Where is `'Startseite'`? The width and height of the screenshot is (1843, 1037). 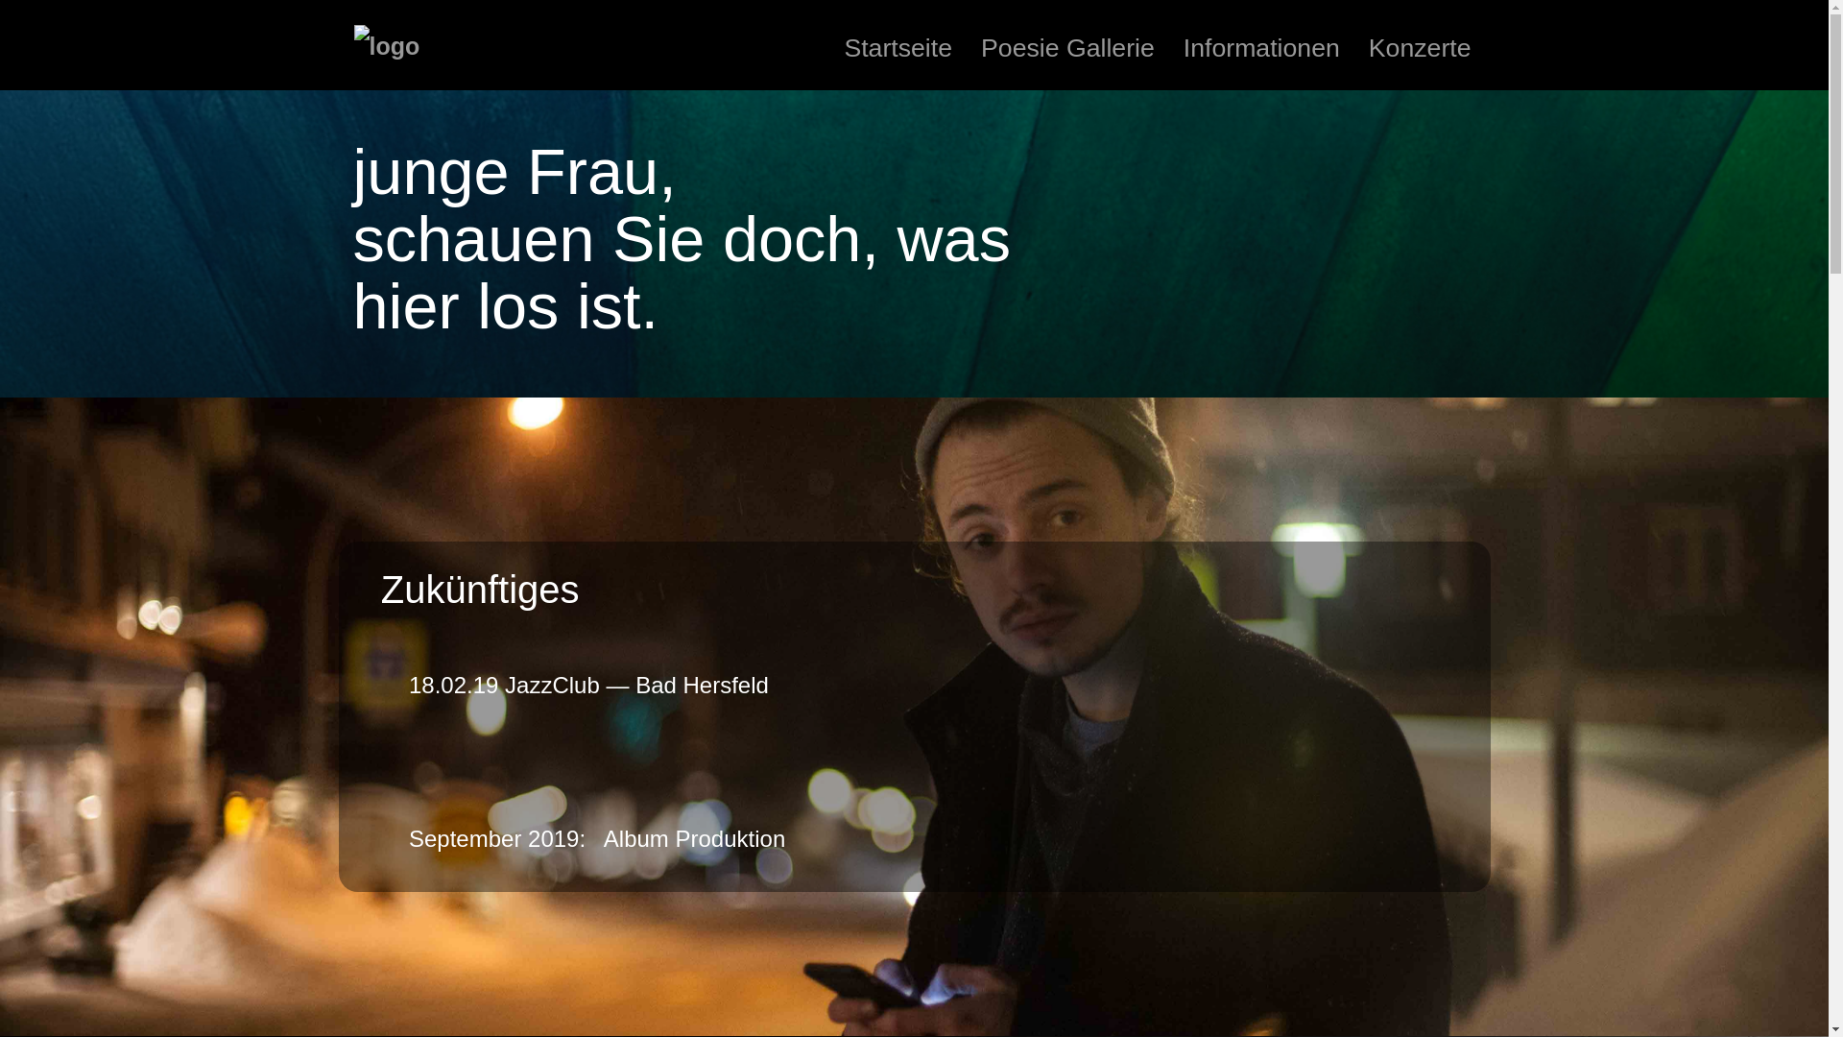
'Startseite' is located at coordinates (897, 47).